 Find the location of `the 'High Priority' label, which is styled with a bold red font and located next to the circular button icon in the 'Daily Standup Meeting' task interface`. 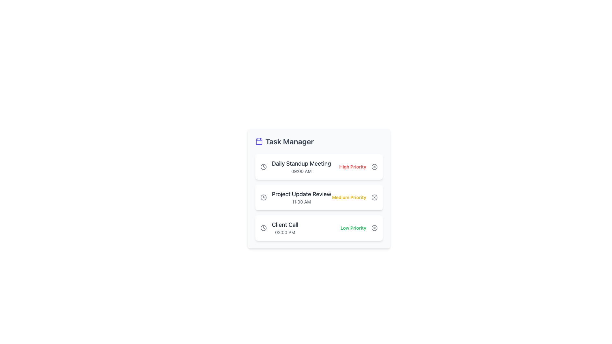

the 'High Priority' label, which is styled with a bold red font and located next to the circular button icon in the 'Daily Standup Meeting' task interface is located at coordinates (352, 167).